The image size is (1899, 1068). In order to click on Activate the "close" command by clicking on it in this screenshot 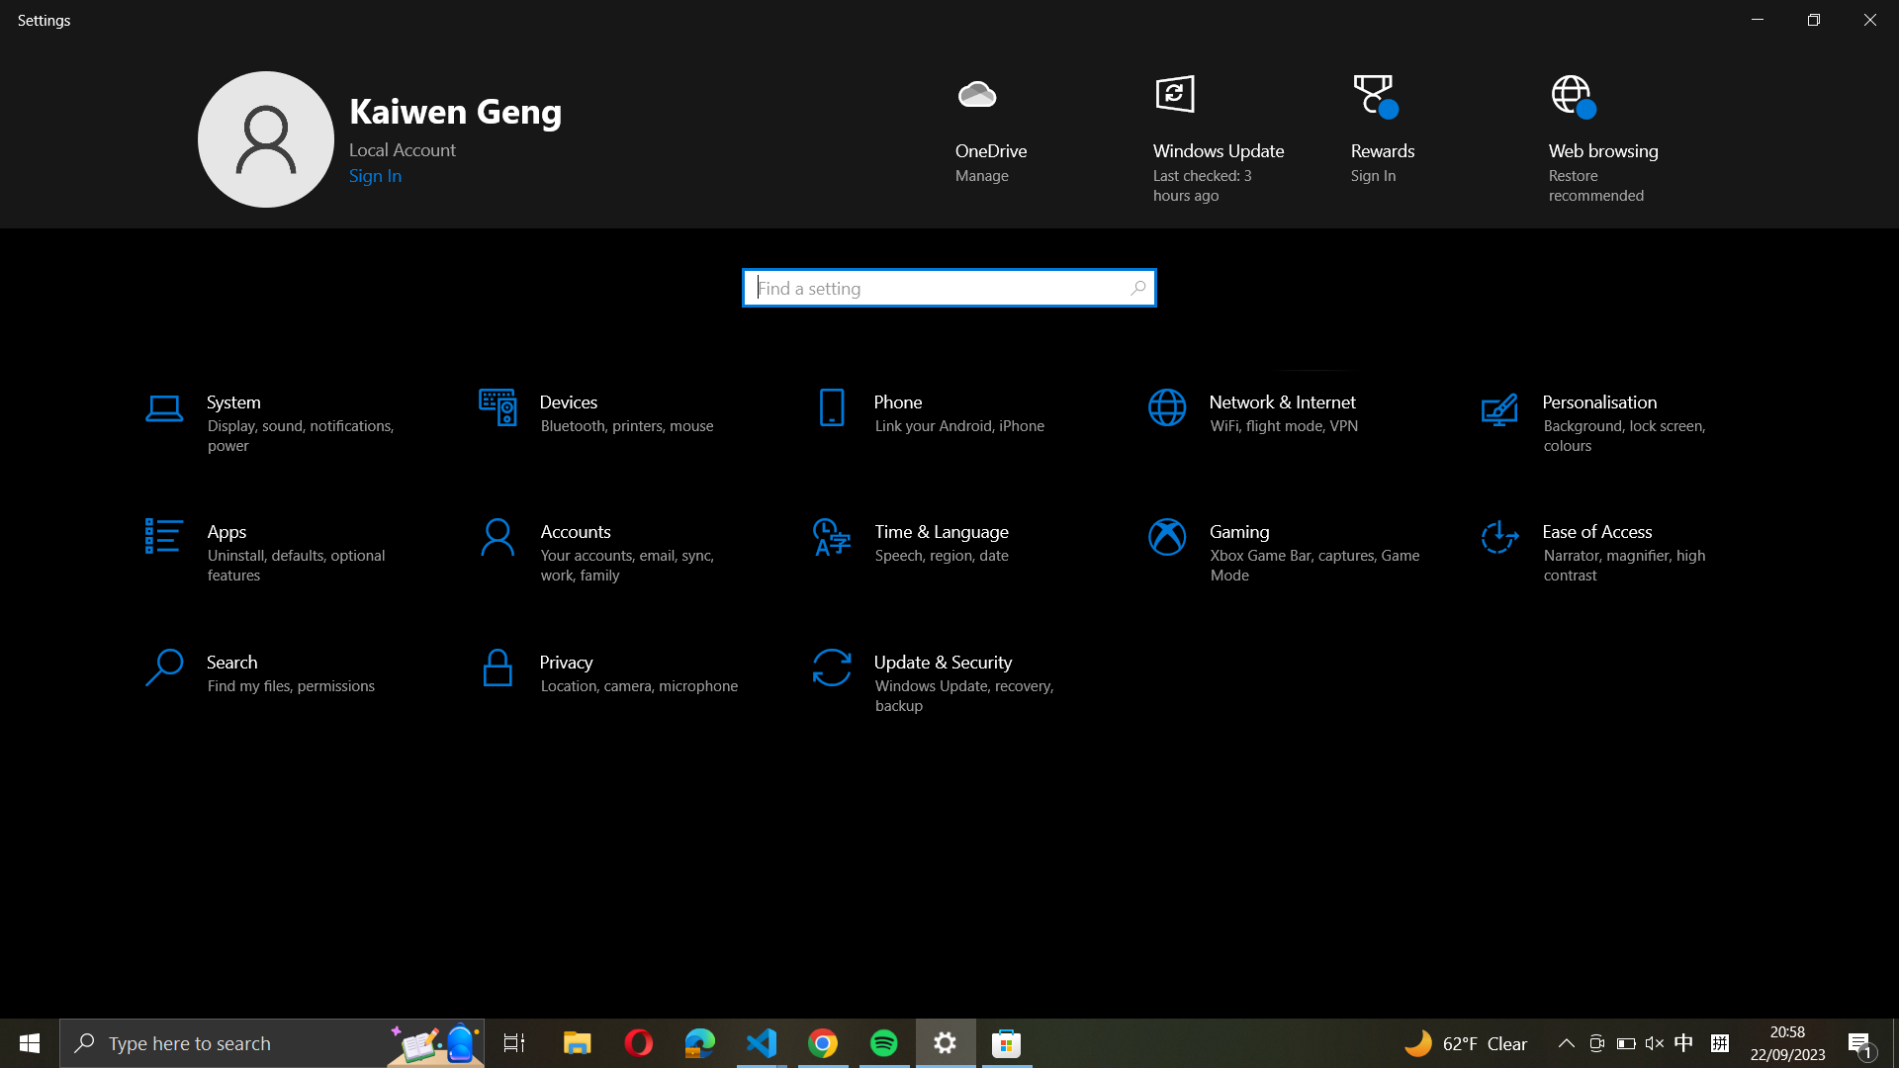, I will do `click(1873, 20)`.